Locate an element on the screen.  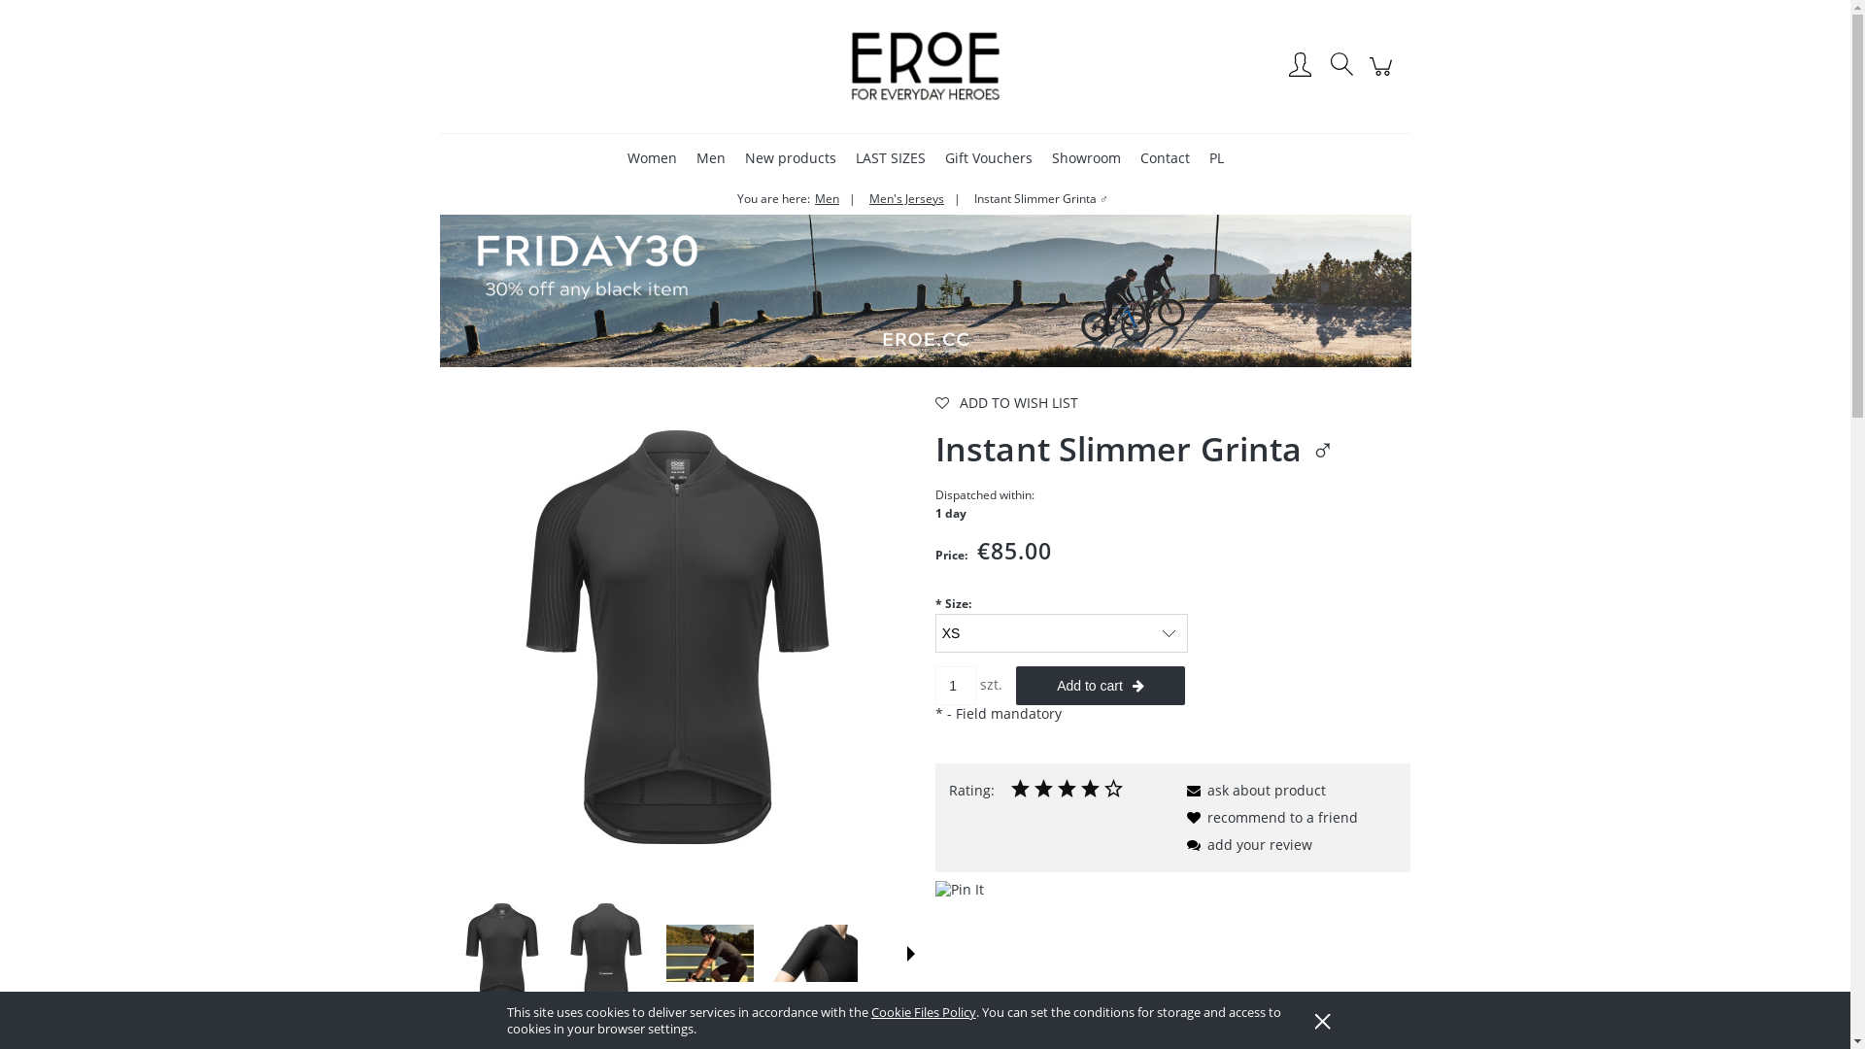
'ask about product' is located at coordinates (1178, 790).